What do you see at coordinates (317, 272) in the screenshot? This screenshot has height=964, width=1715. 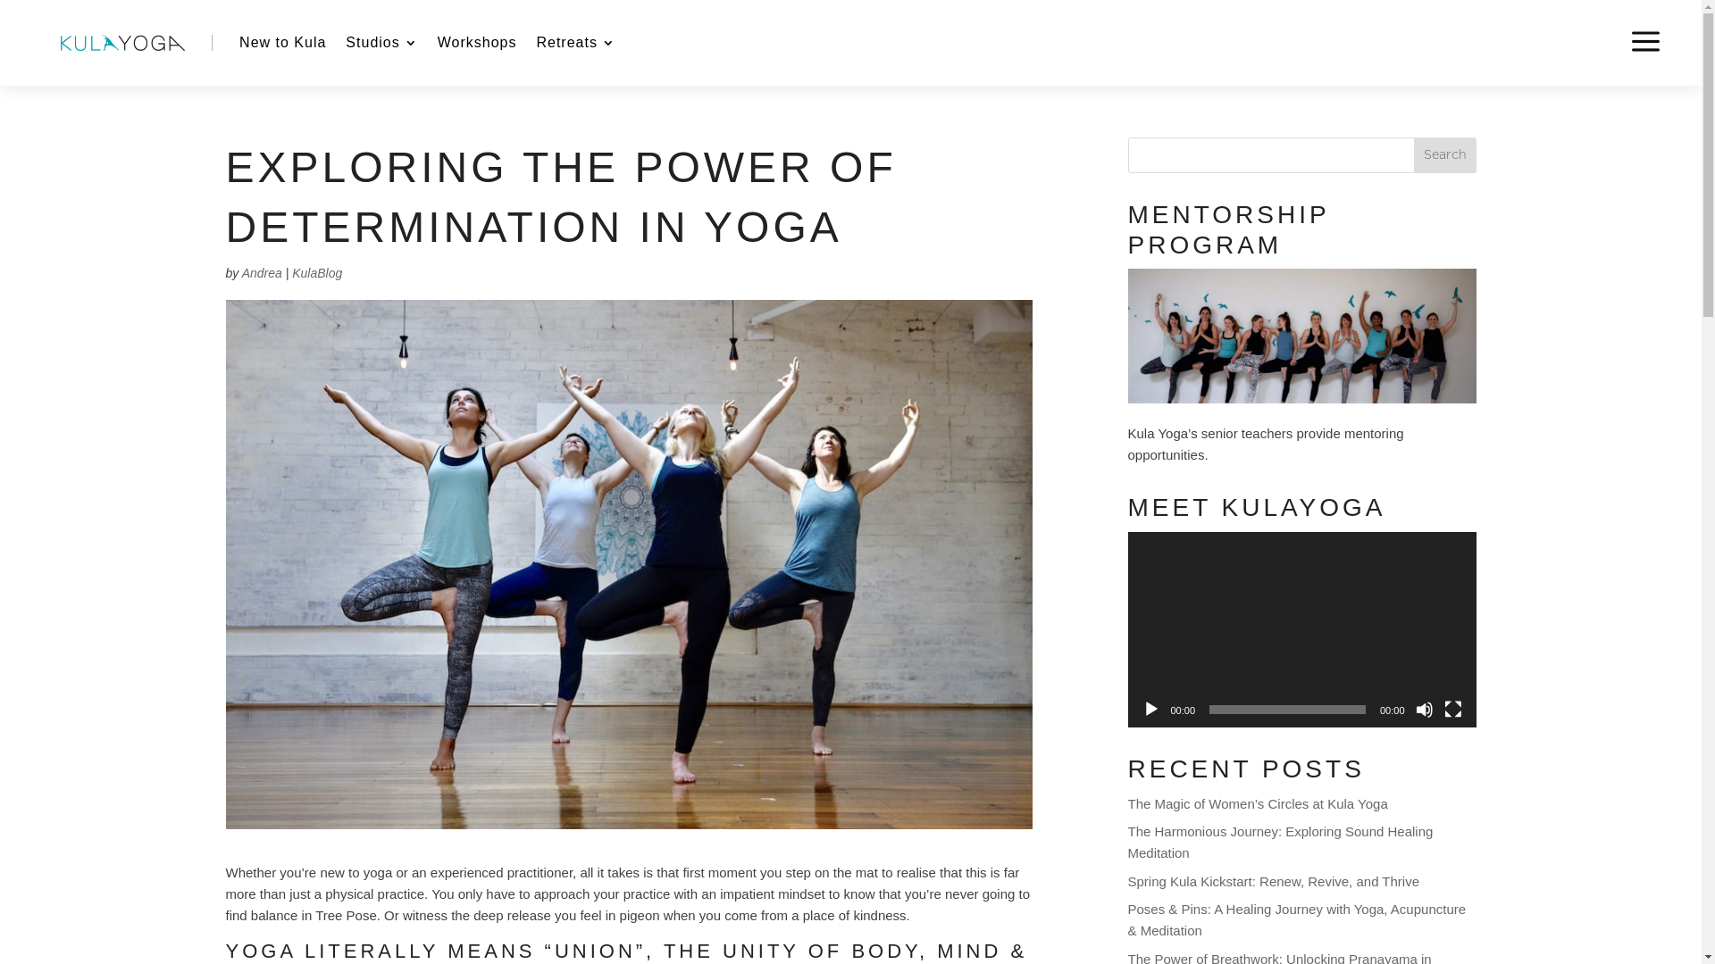 I see `'KulaBlog'` at bounding box center [317, 272].